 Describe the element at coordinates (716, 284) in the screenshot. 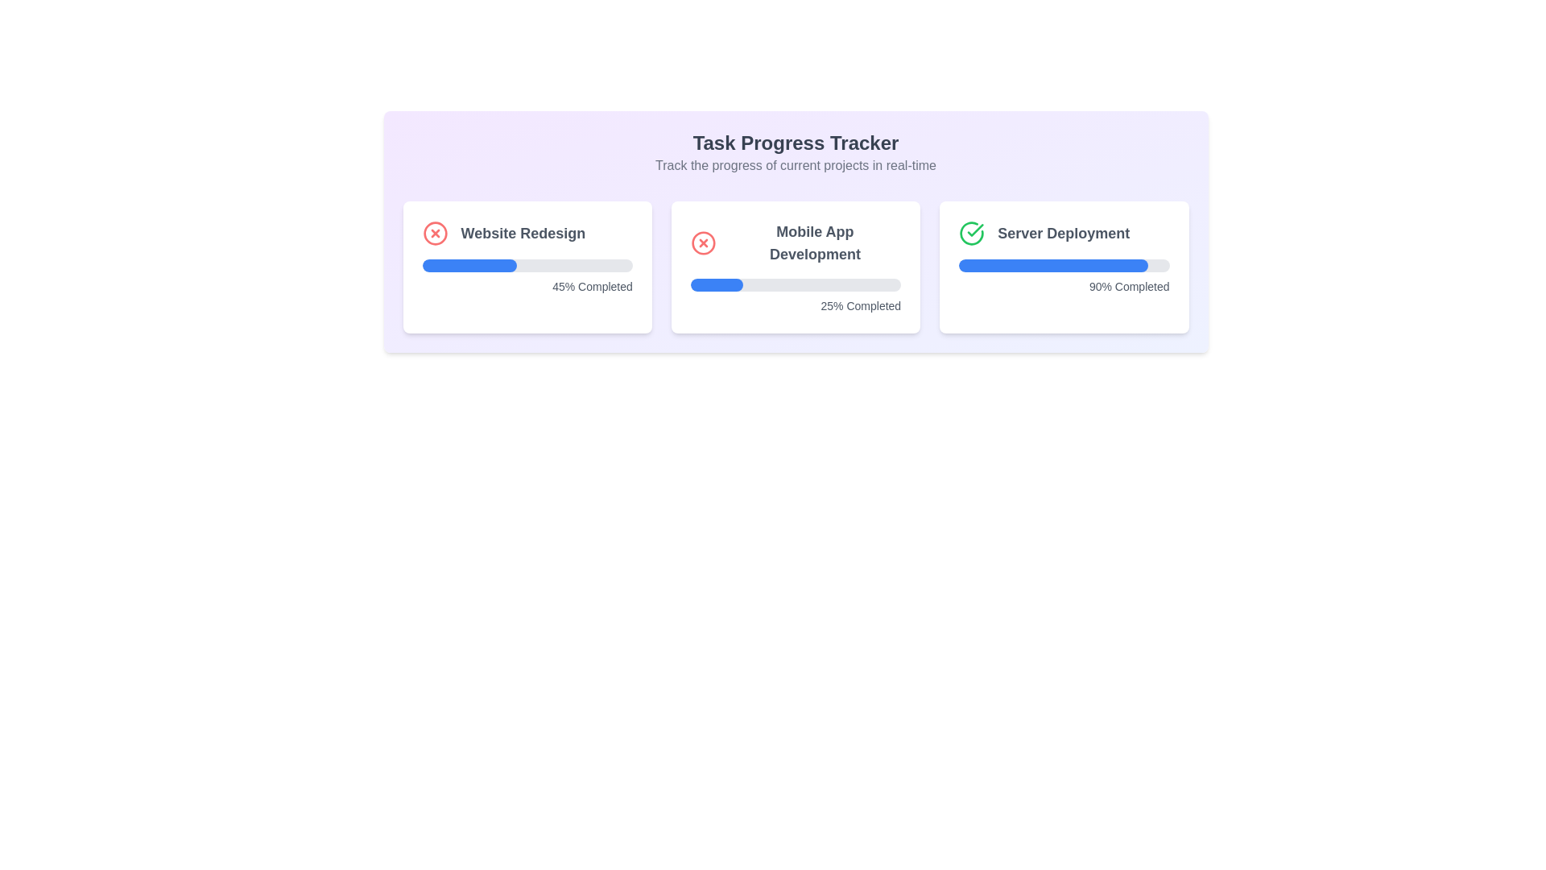

I see `the blue progress bar segment, which is 25% filled and located under the 'Mobile App Development' text` at that location.